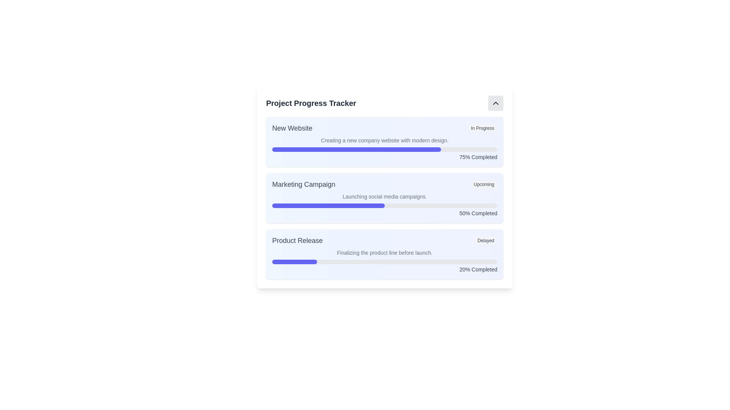 The width and height of the screenshot is (730, 410). Describe the element at coordinates (385, 128) in the screenshot. I see `descriptions provided for the composite display component showing the title 'New Website' and the status 'In Progress' located at the top of the vertically stacked list` at that location.